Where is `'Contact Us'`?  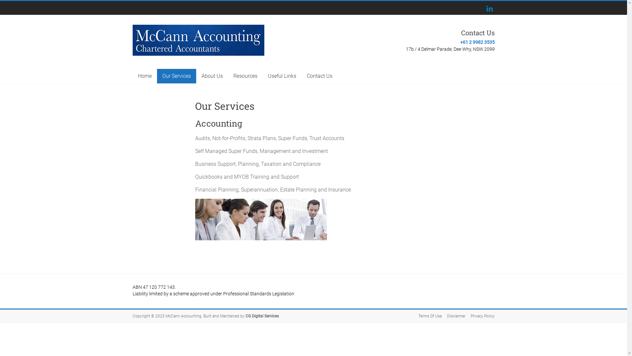
'Contact Us' is located at coordinates (319, 76).